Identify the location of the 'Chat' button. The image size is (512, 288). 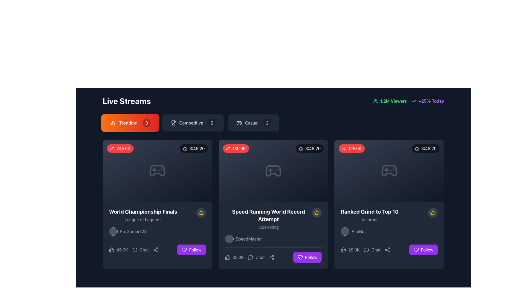
(141, 250).